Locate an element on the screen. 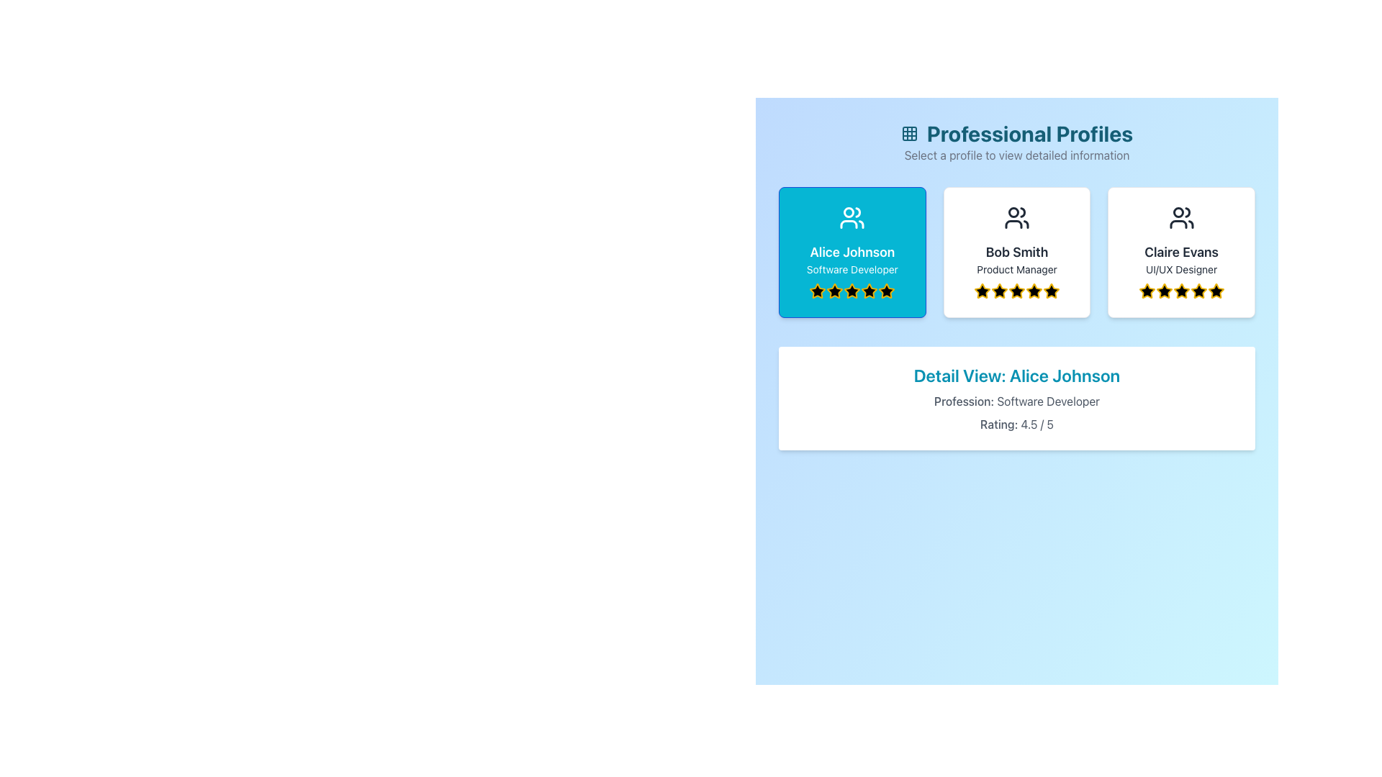  the fourth star-shaped icon in the five-star rating system for 'Claire Evans' in the 'Professional Profiles' section, which is highlighted with a yellow fill and black border is located at coordinates (1181, 291).